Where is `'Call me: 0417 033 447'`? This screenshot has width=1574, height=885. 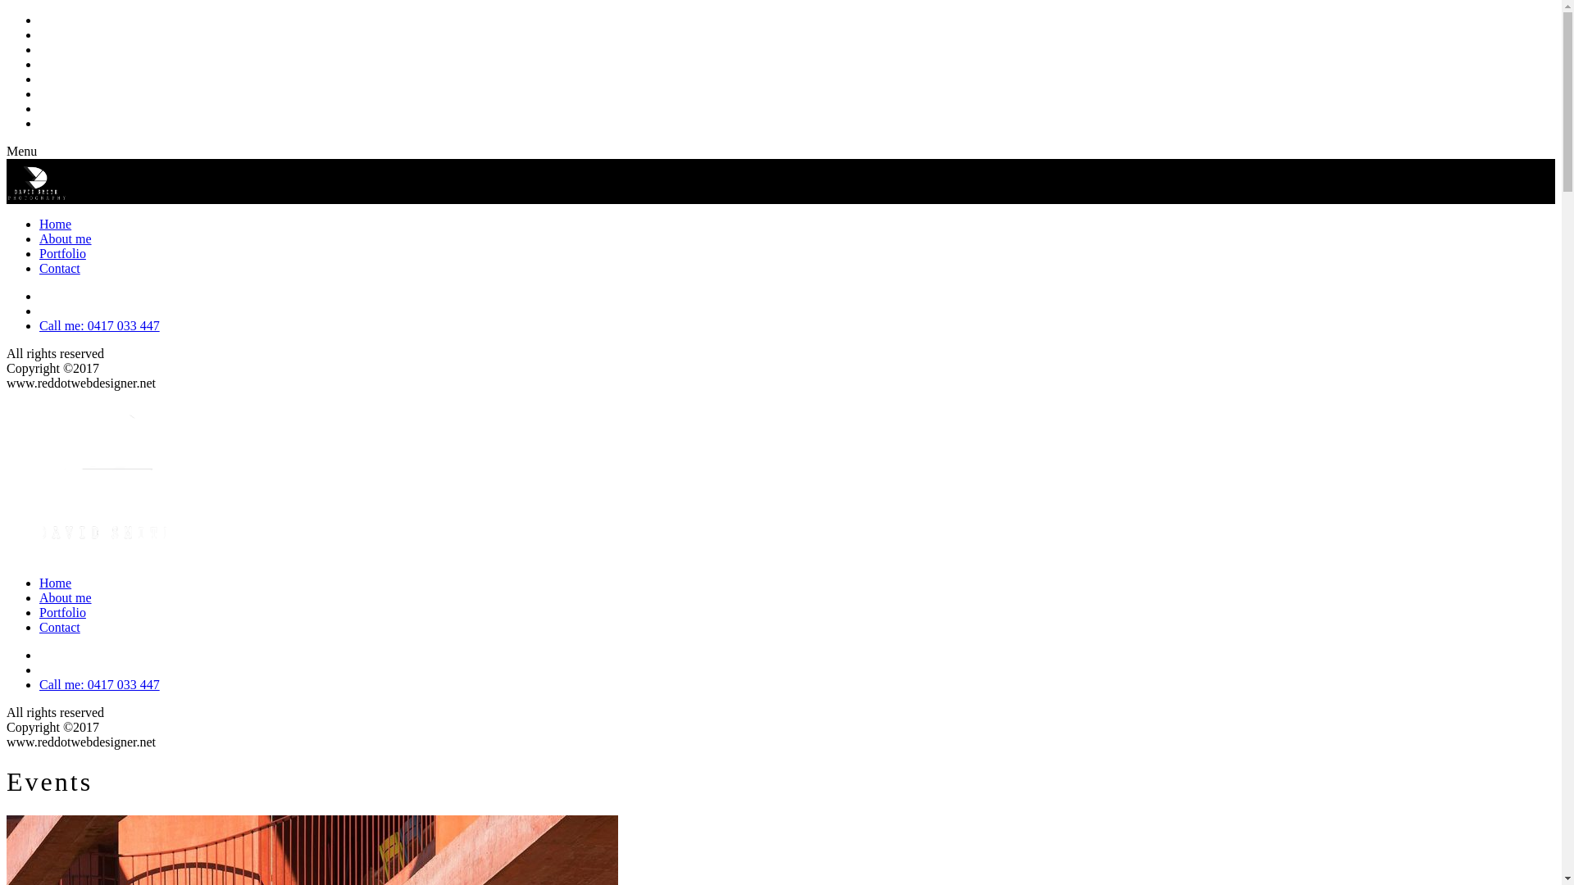
'Call me: 0417 033 447' is located at coordinates (98, 684).